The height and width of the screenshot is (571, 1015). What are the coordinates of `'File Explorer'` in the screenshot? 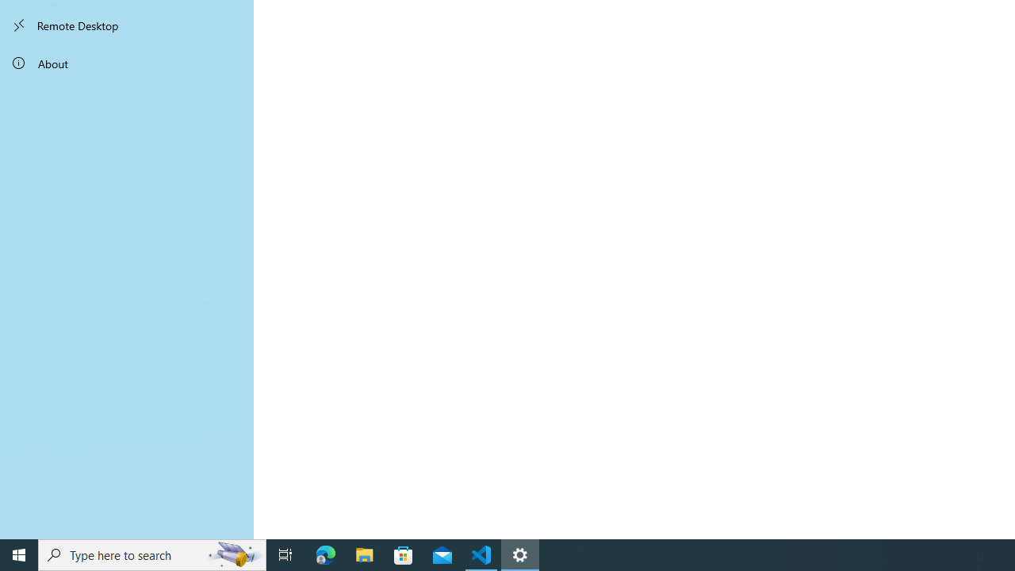 It's located at (364, 554).